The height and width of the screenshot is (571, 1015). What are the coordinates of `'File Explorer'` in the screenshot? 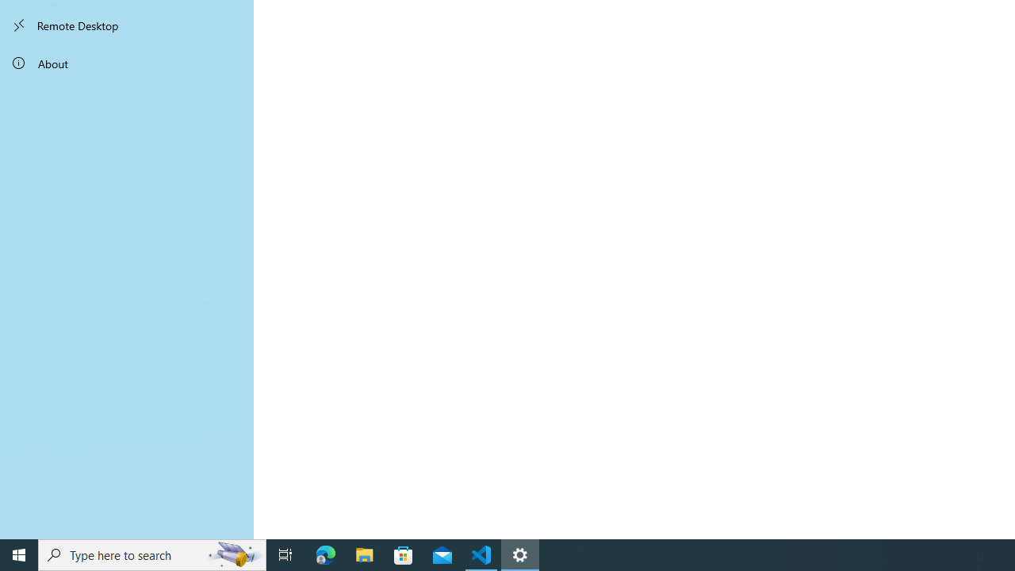 It's located at (364, 554).